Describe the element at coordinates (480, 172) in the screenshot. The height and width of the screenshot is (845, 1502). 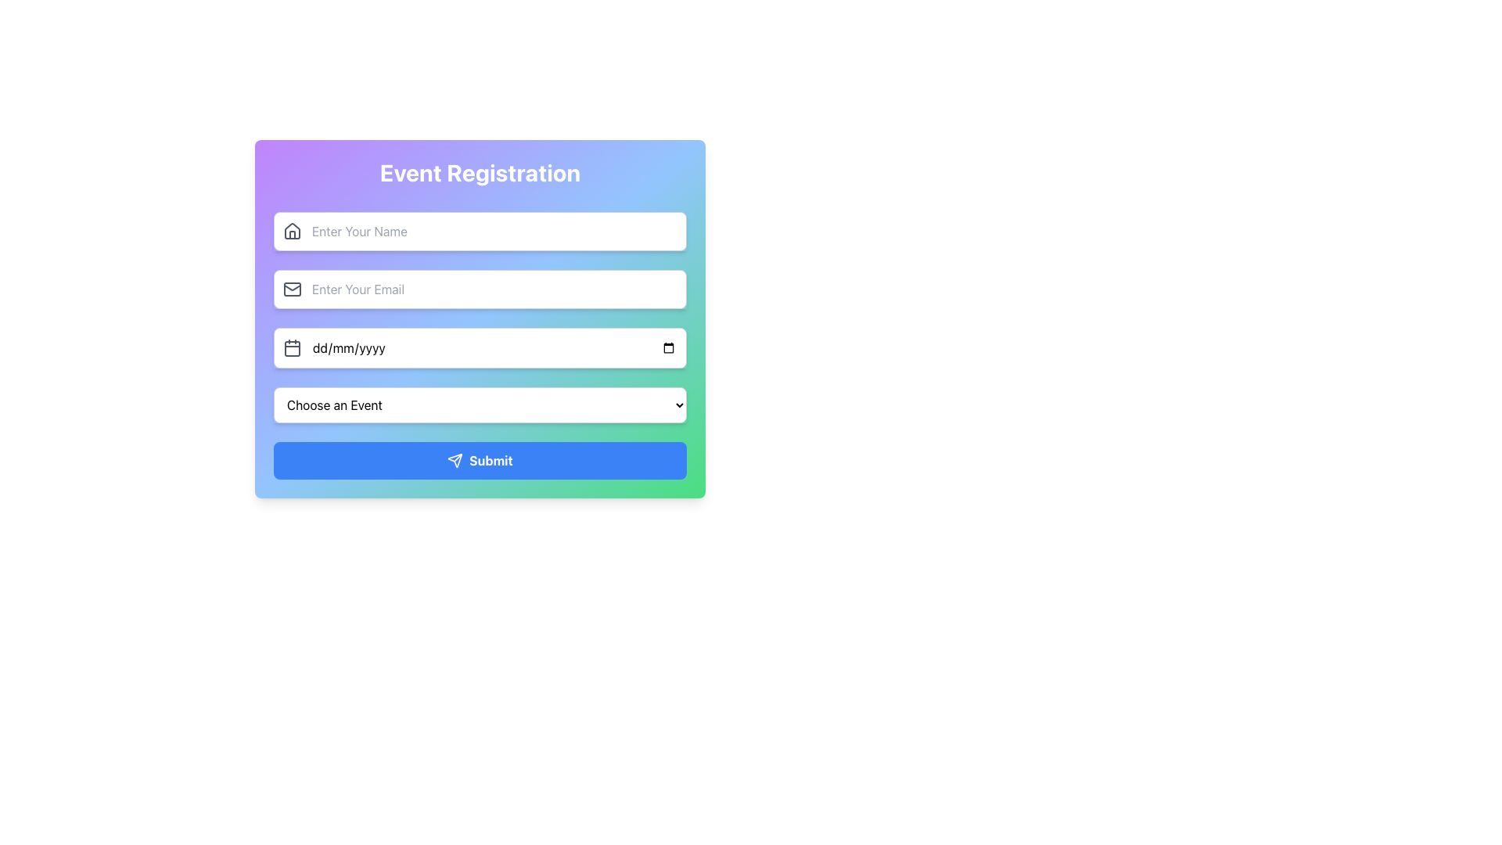
I see `the prominent header text label reading 'Event Registration', which is styled in bold, white text and centrally aligned within a colorful gradient background` at that location.